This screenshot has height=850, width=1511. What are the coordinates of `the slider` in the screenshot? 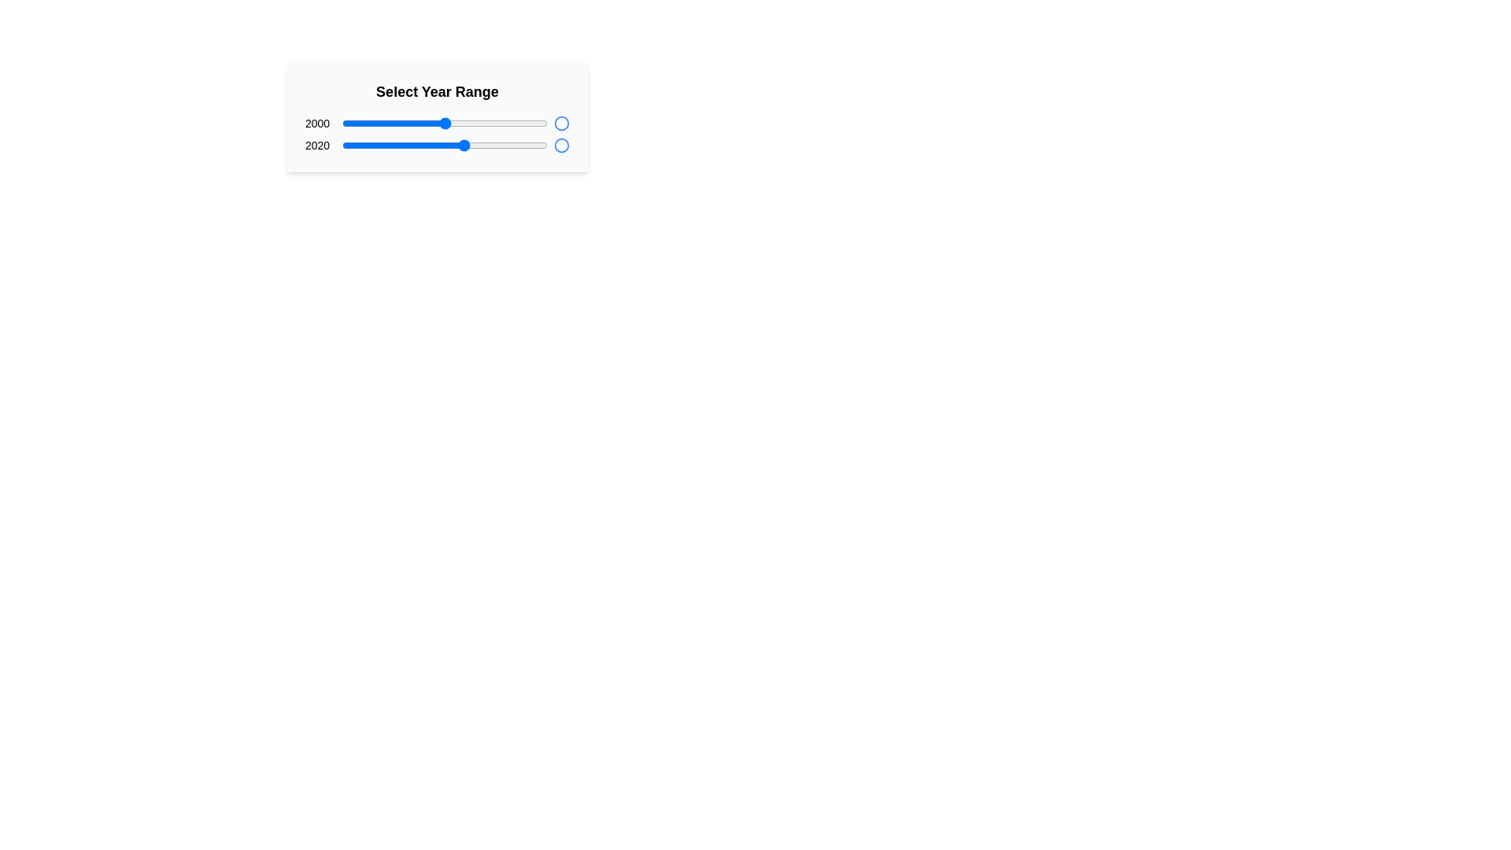 It's located at (357, 123).